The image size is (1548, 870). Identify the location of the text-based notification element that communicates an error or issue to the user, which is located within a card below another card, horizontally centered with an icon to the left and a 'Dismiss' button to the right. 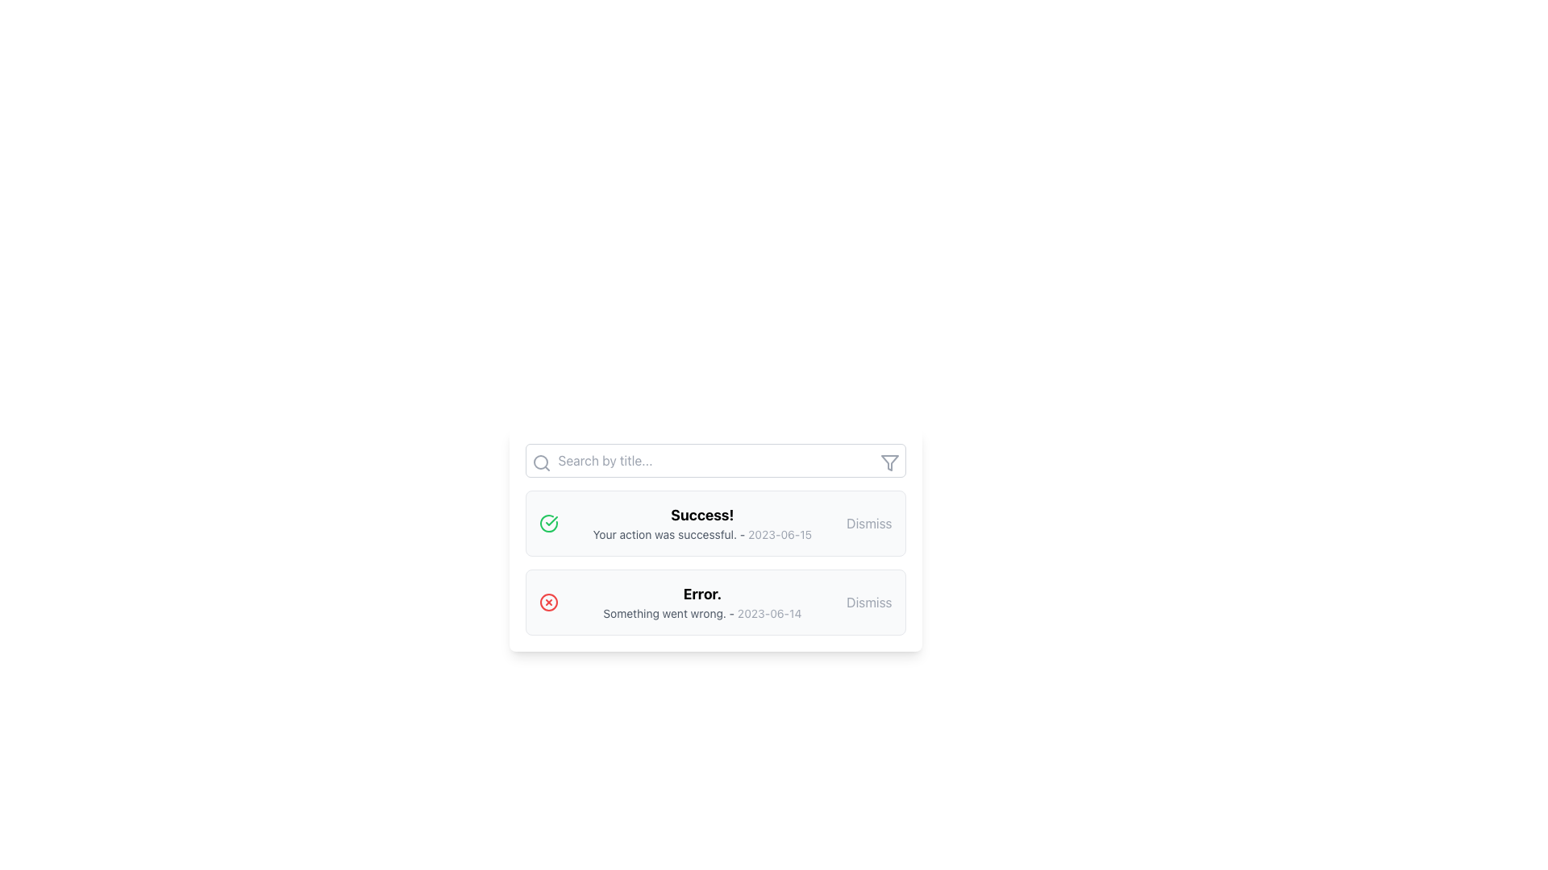
(702, 603).